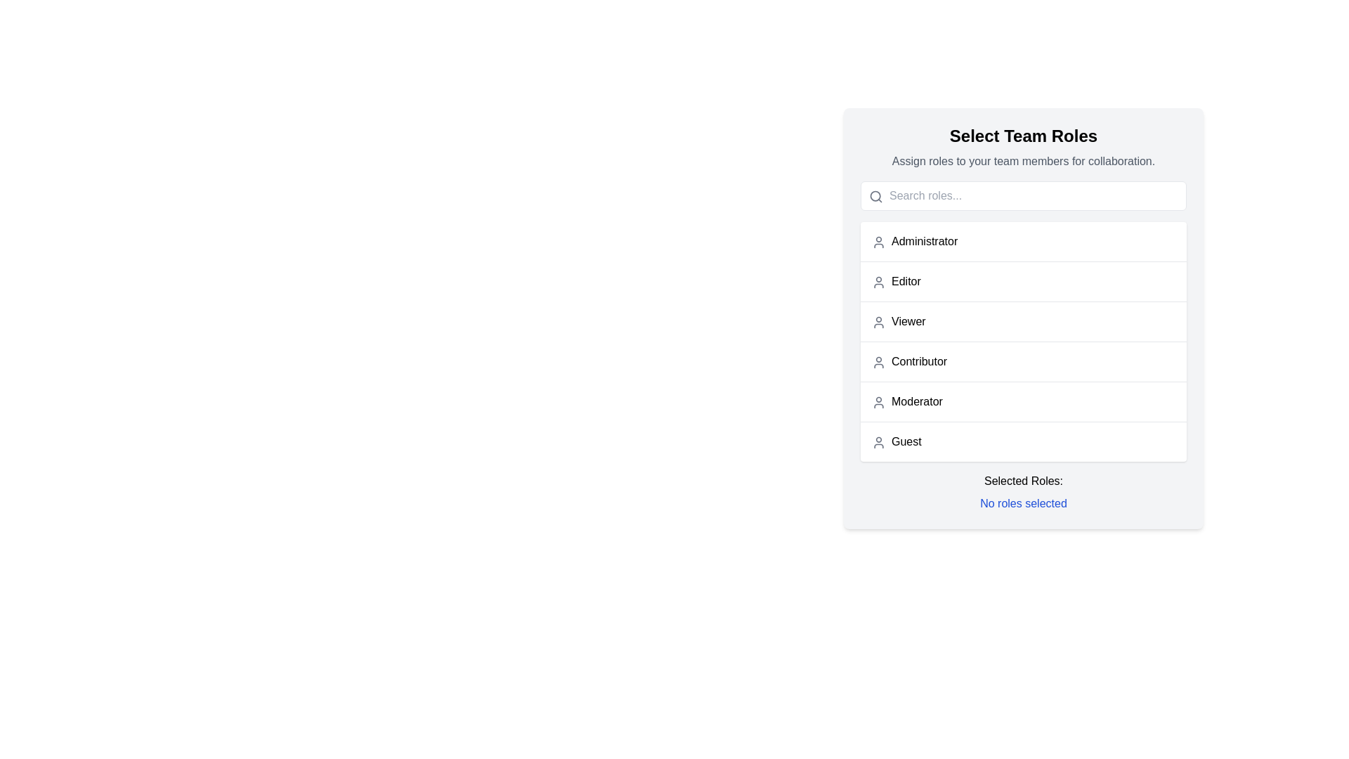  What do you see at coordinates (1024, 281) in the screenshot?
I see `the 'Editor' role selectable list item located between 'Administrator' and 'Viewer' in the team role selection box` at bounding box center [1024, 281].